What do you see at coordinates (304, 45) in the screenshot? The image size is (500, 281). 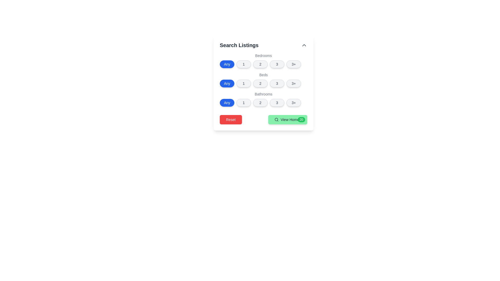 I see `the toggle button located at the top-right of the 'Search Listings' header section to change its color for visual feedback` at bounding box center [304, 45].